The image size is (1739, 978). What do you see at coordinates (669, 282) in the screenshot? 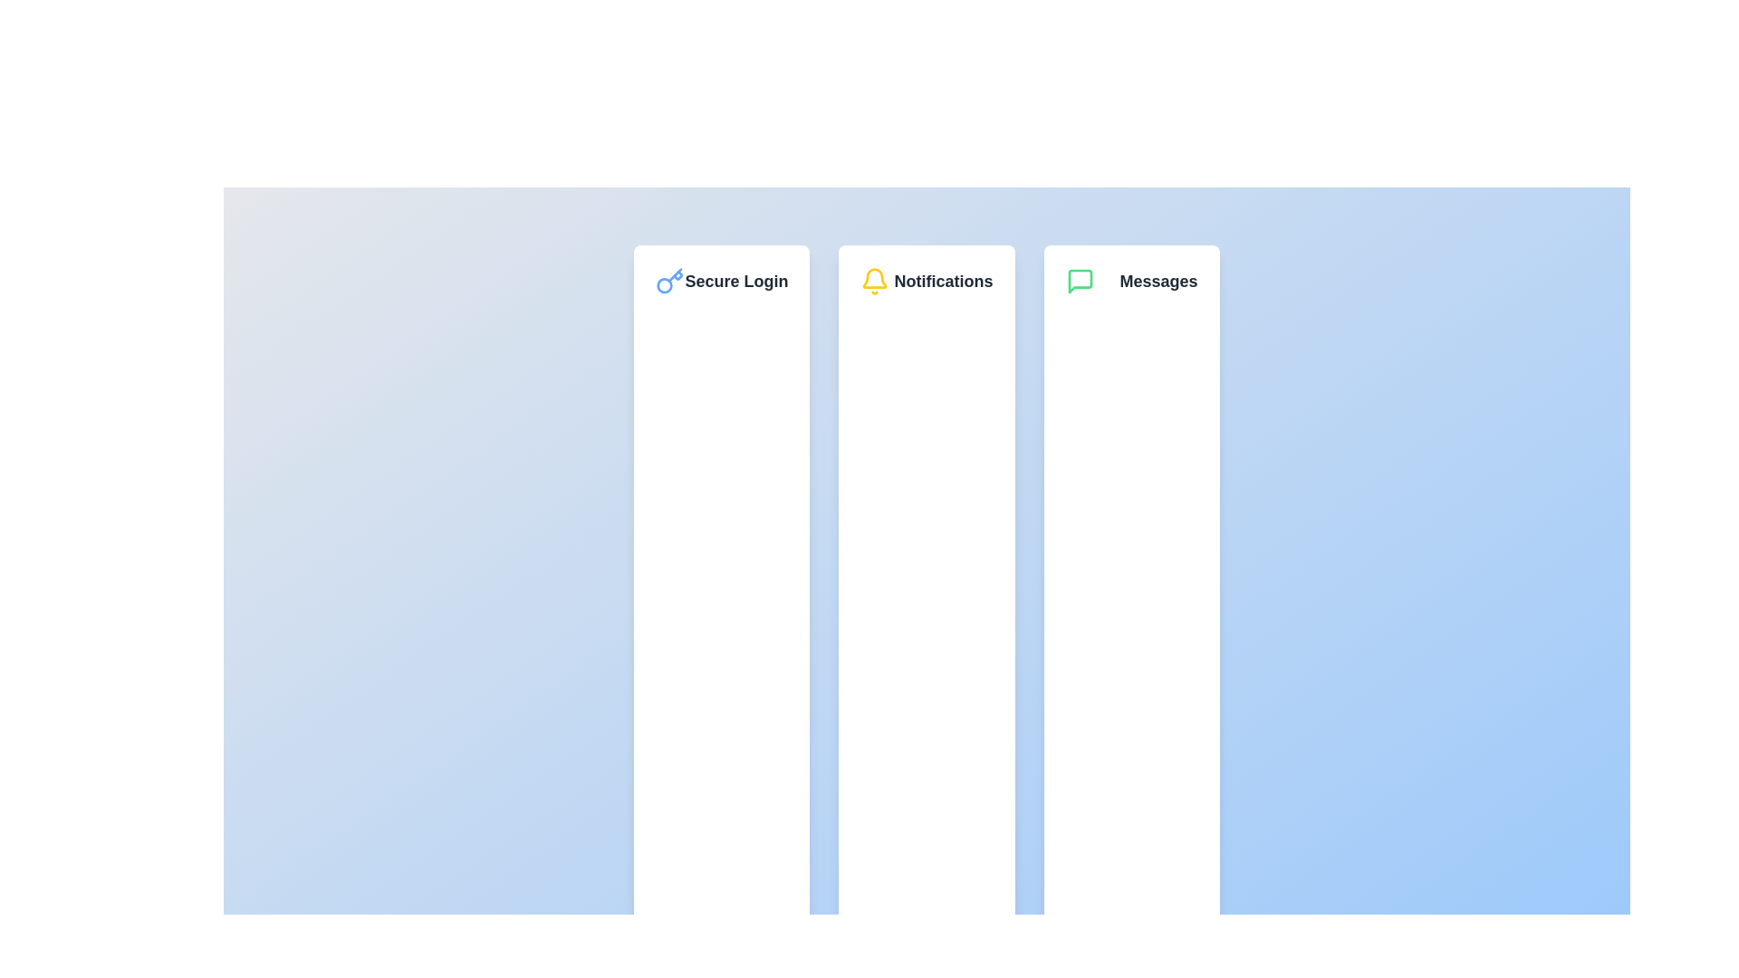
I see `the key-like icon styled with a light blue outline, located to the left of the 'Secure Login' text, for contextual information` at bounding box center [669, 282].